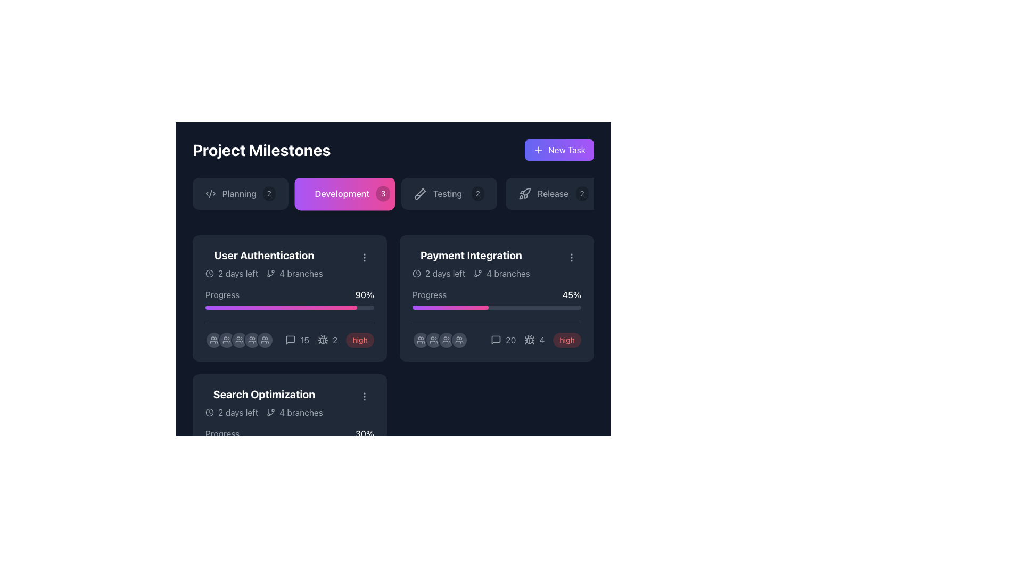 This screenshot has width=1022, height=575. What do you see at coordinates (471, 255) in the screenshot?
I see `the Text Label that identifies the project milestone or task related to 'Payment Integration', located in the top-left section of a card layout under the 'Development' heading` at bounding box center [471, 255].